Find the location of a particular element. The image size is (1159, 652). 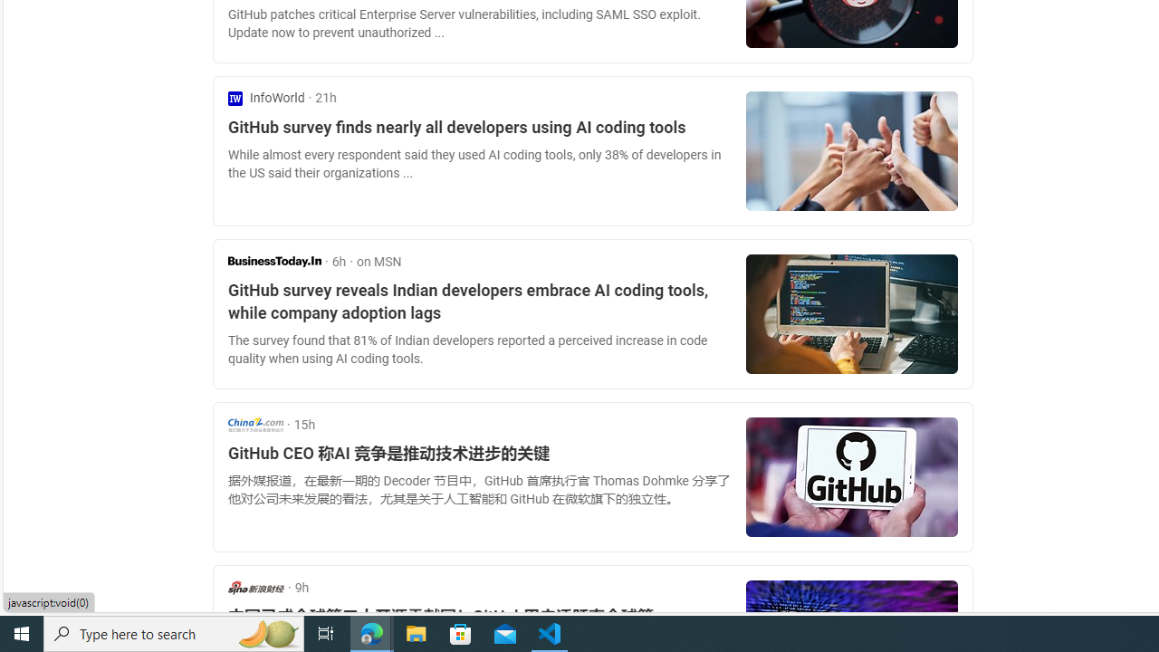

'Business Today' is located at coordinates (273, 261).